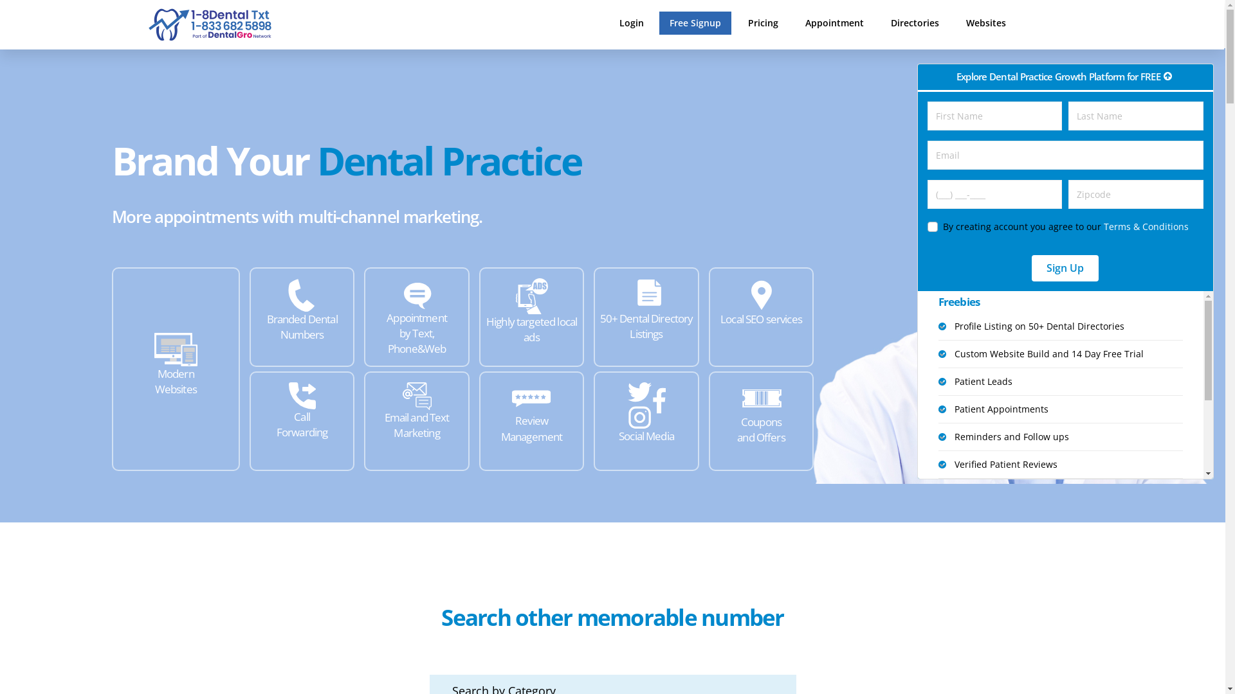 This screenshot has height=694, width=1235. Describe the element at coordinates (761, 317) in the screenshot. I see `'Local SEO services'` at that location.